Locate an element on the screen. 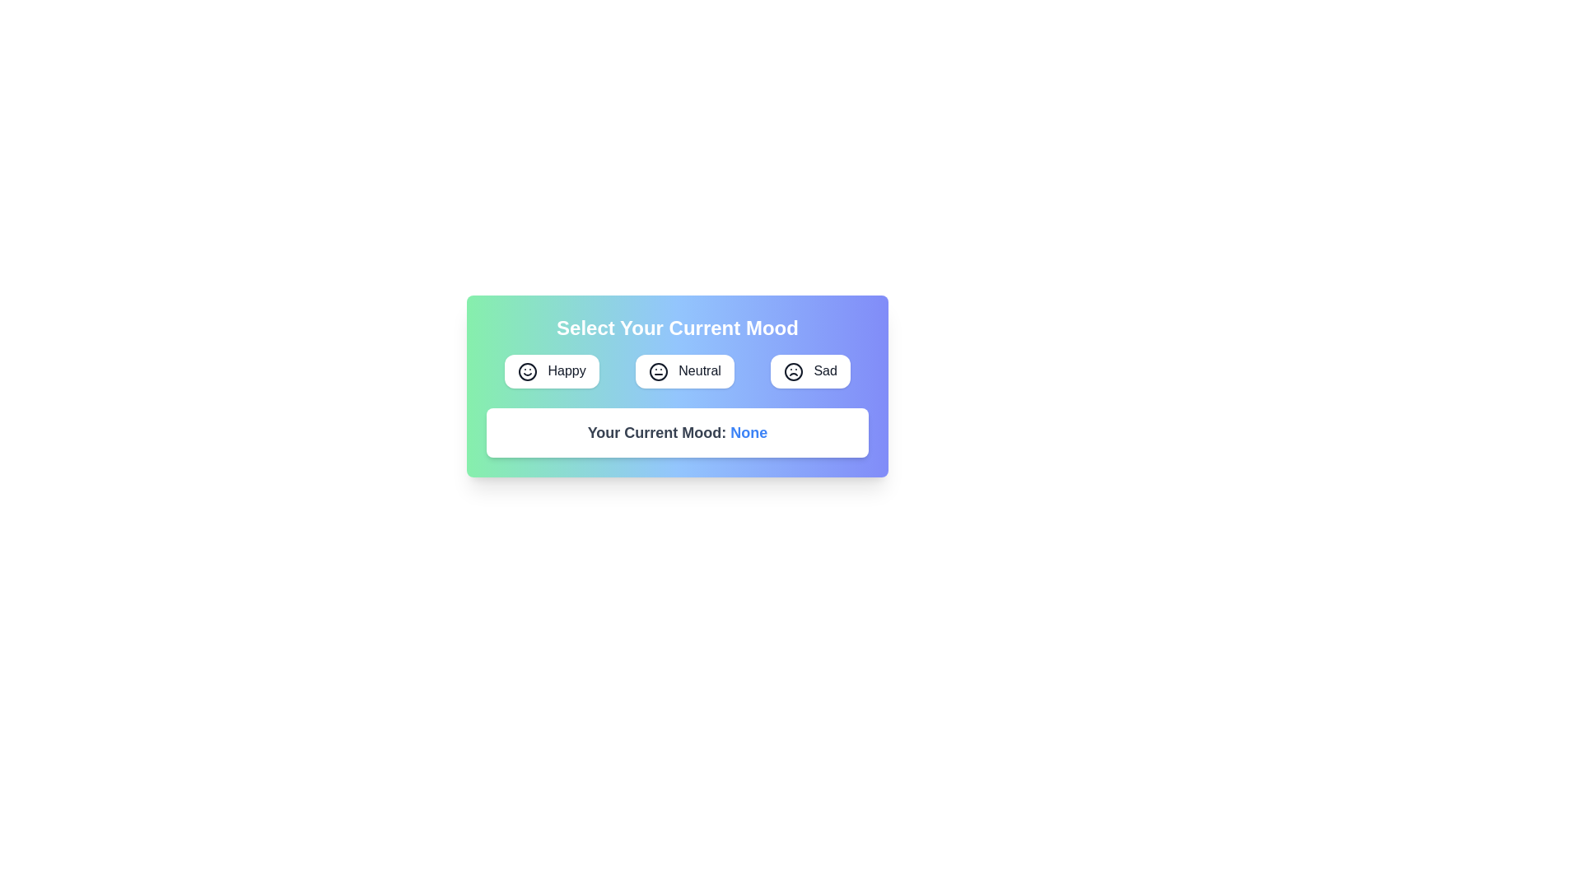 This screenshot has width=1581, height=889. the 'Sad' mood icon, which is part of the button located in the bottom right corner of the dialog box titled 'Select Your Current Mood' is located at coordinates (794, 371).